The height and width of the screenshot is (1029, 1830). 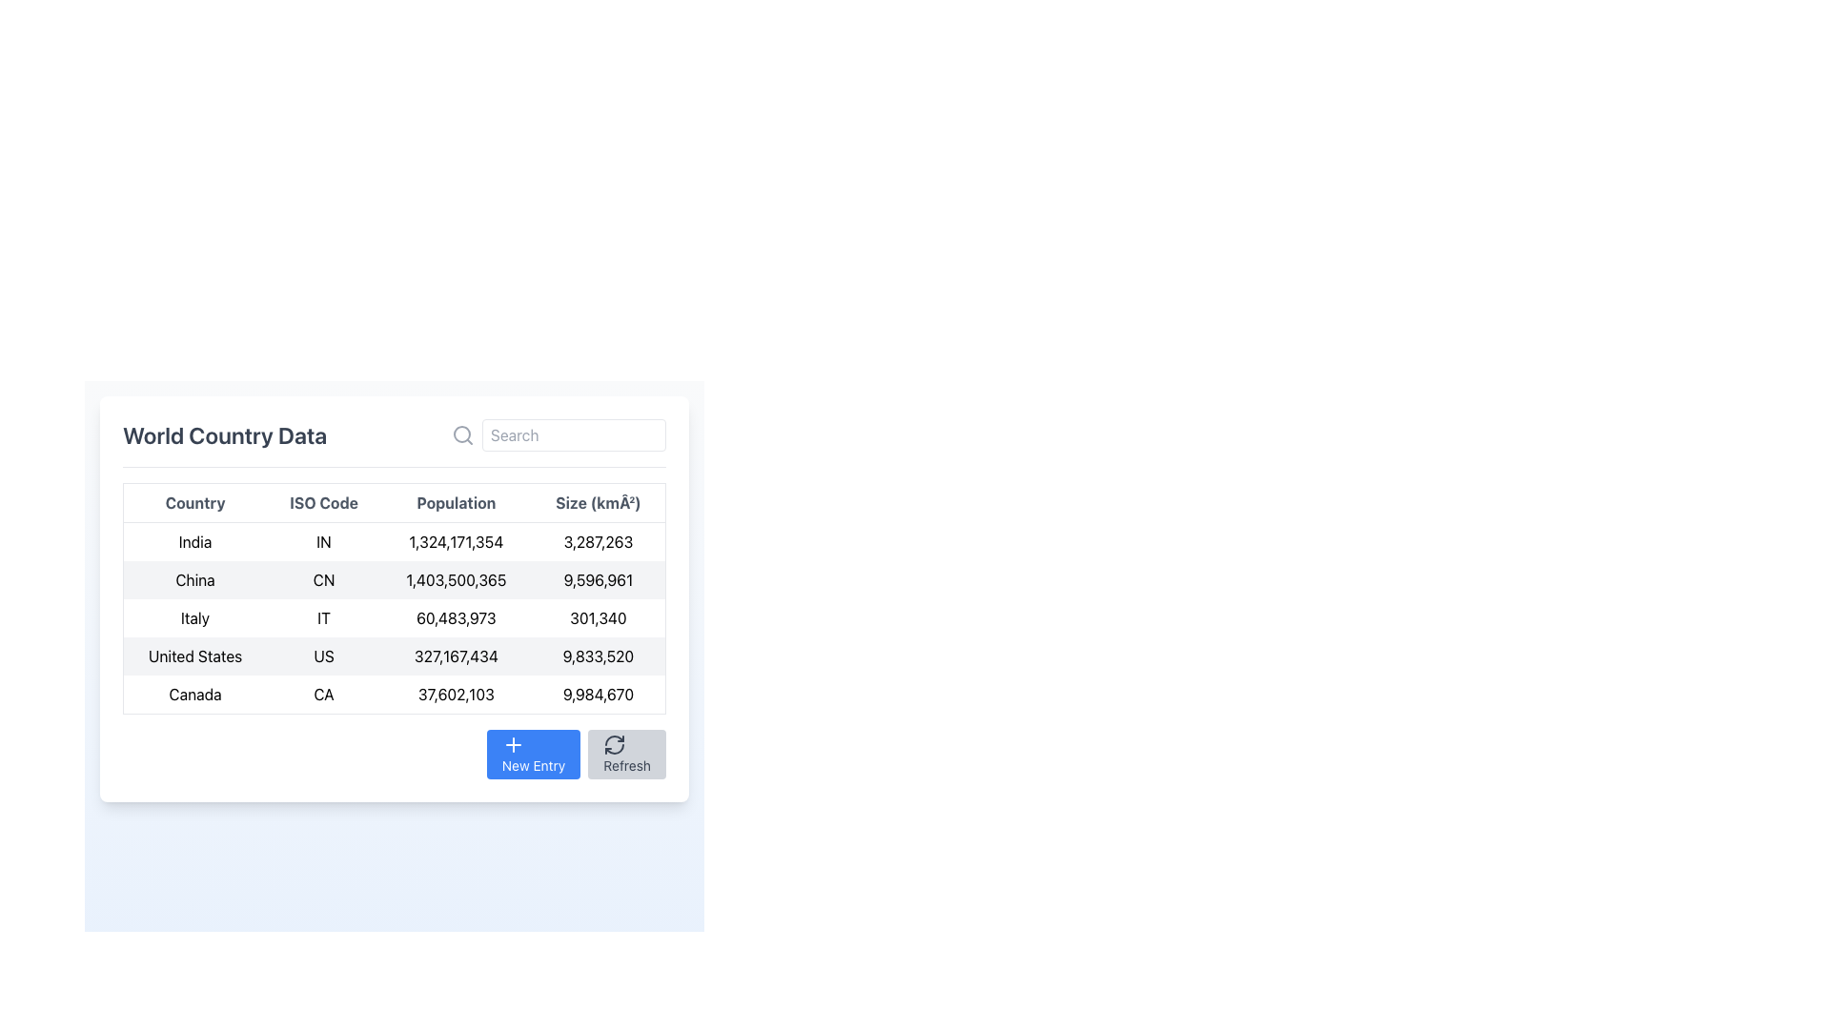 I want to click on the search icon, which is a circular magnifying glass with a handle, located to the left of the search input field labeled 'Search', so click(x=462, y=434).